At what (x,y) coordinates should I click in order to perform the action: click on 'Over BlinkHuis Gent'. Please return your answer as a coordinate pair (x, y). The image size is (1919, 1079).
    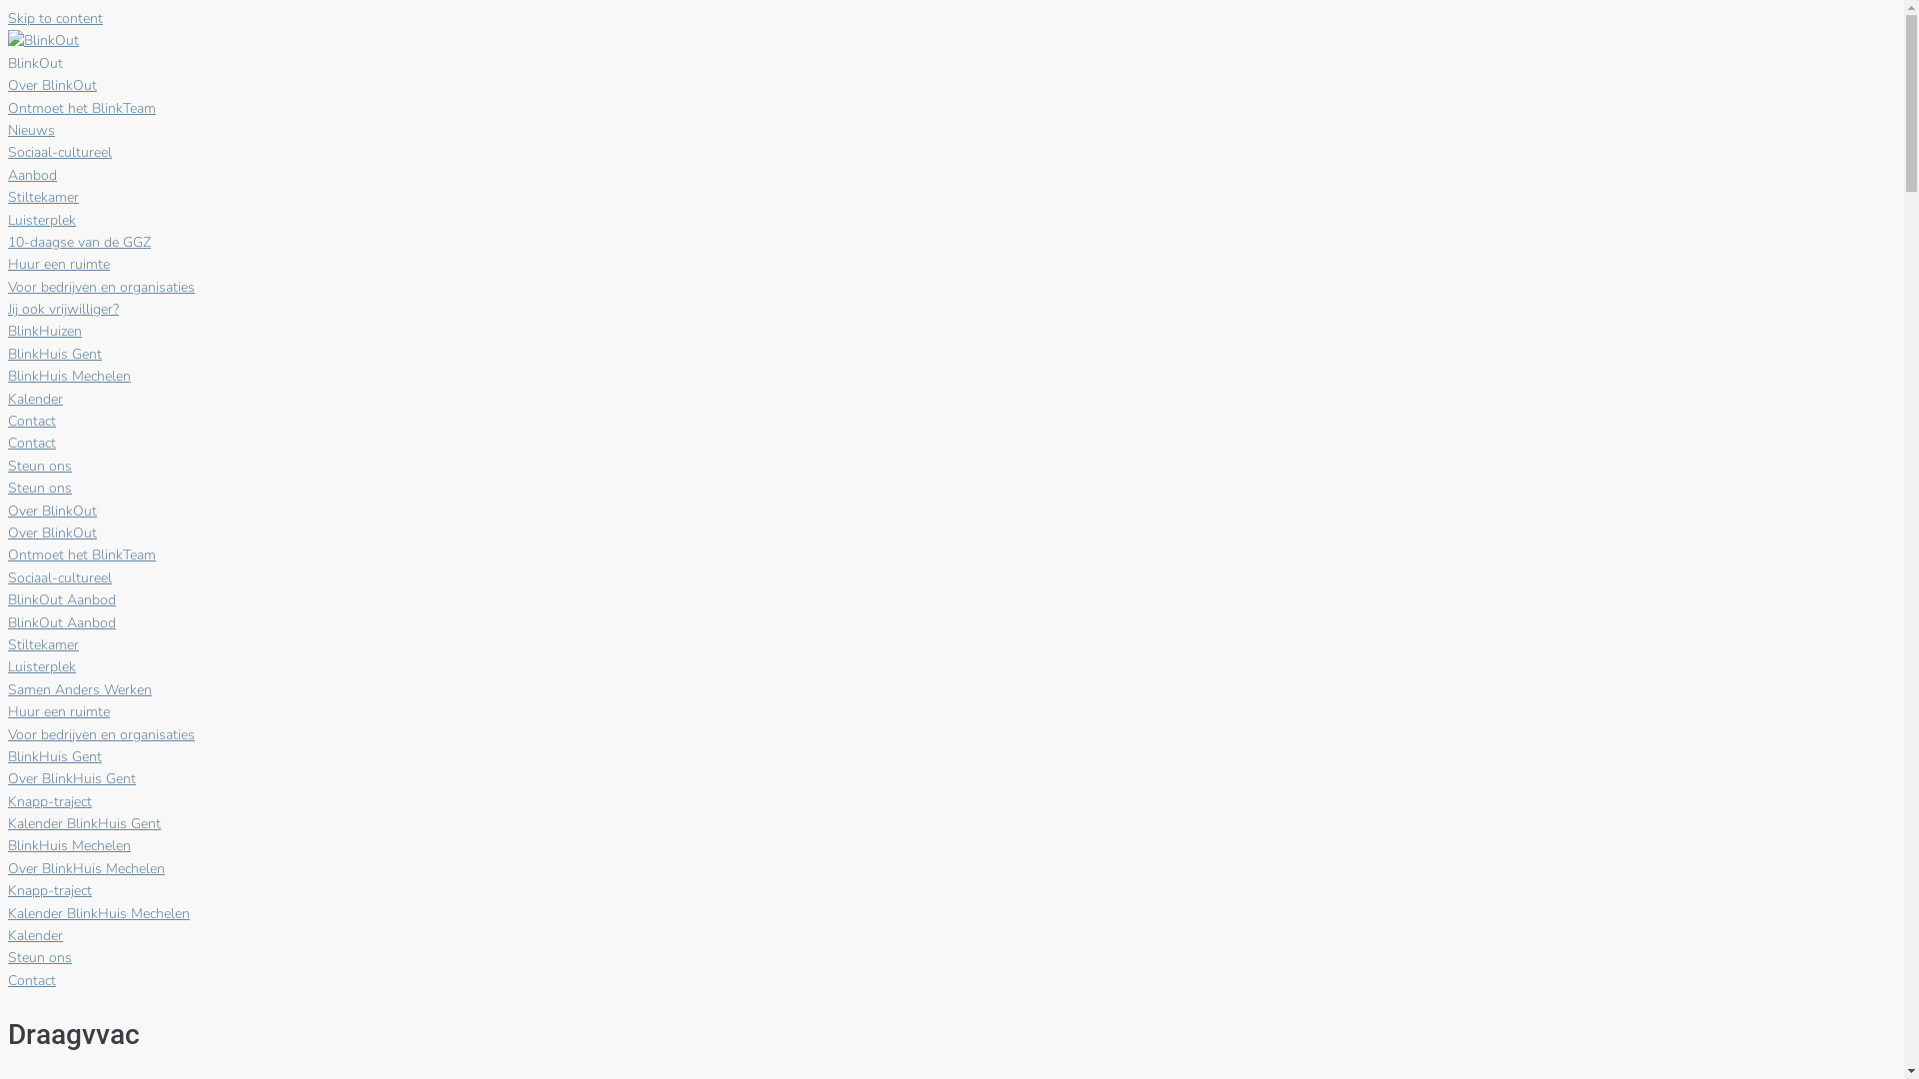
    Looking at the image, I should click on (72, 777).